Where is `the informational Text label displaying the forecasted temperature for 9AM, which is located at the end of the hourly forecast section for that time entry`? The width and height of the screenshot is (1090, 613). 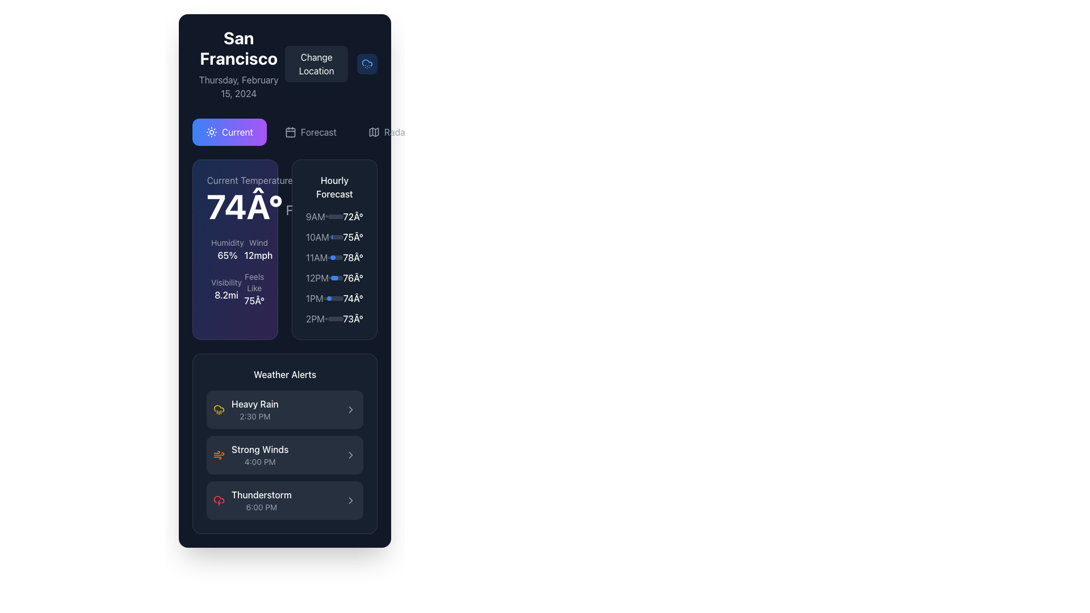 the informational Text label displaying the forecasted temperature for 9AM, which is located at the end of the hourly forecast section for that time entry is located at coordinates (353, 216).